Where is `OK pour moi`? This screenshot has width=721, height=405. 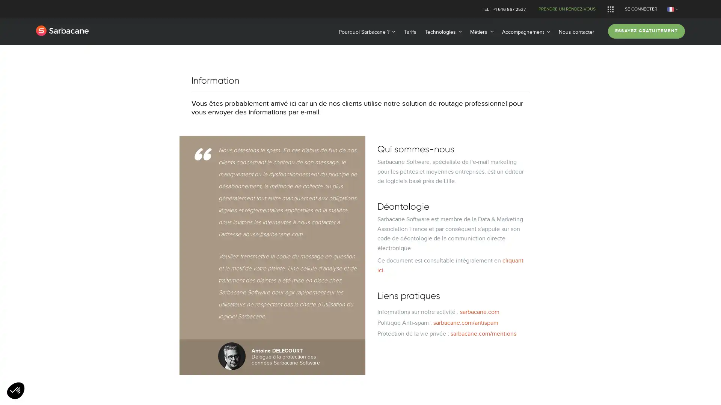 OK pour moi is located at coordinates (420, 253).